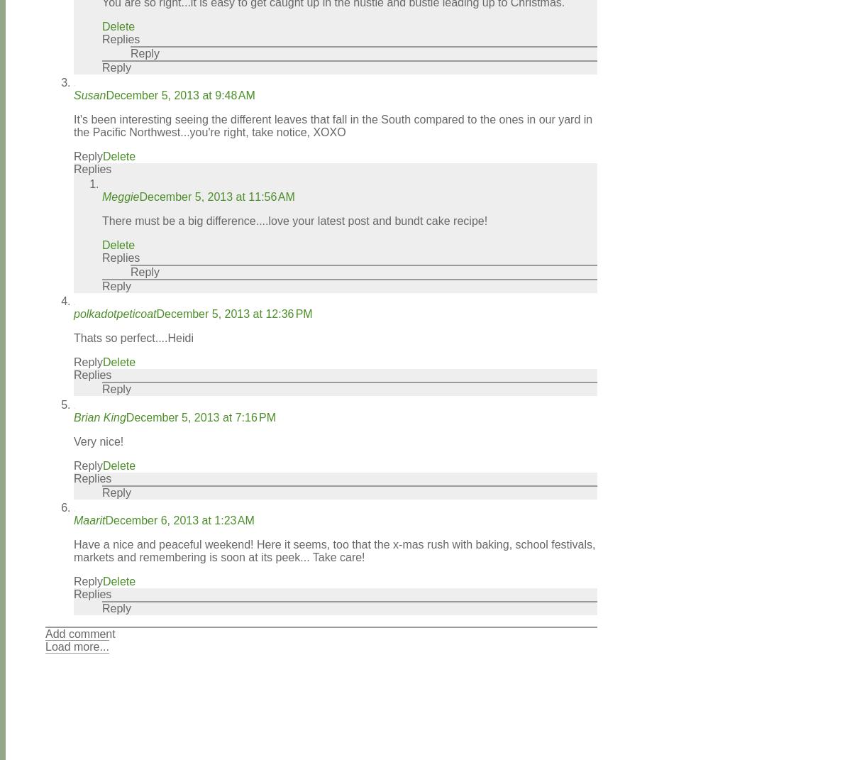 Image resolution: width=857 pixels, height=760 pixels. What do you see at coordinates (101, 197) in the screenshot?
I see `'Meggie'` at bounding box center [101, 197].